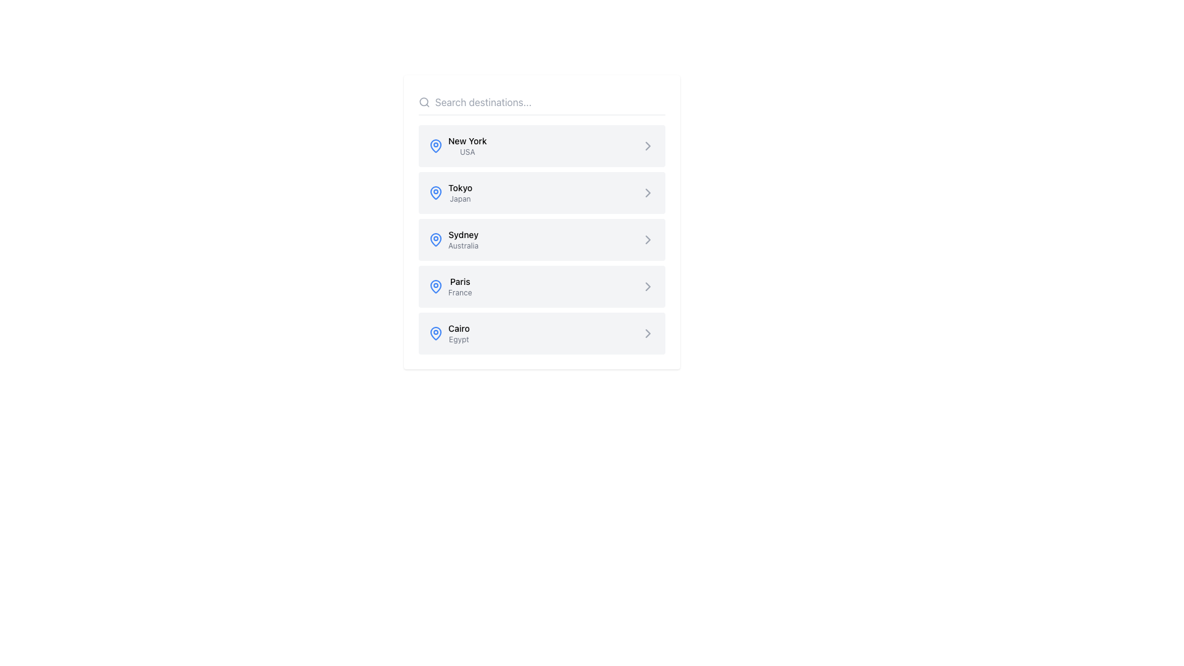  What do you see at coordinates (459, 281) in the screenshot?
I see `the text label displaying 'Paris', which is styled with a smaller font size and medium weight, located in the third list item of a vertical list of destination options` at bounding box center [459, 281].